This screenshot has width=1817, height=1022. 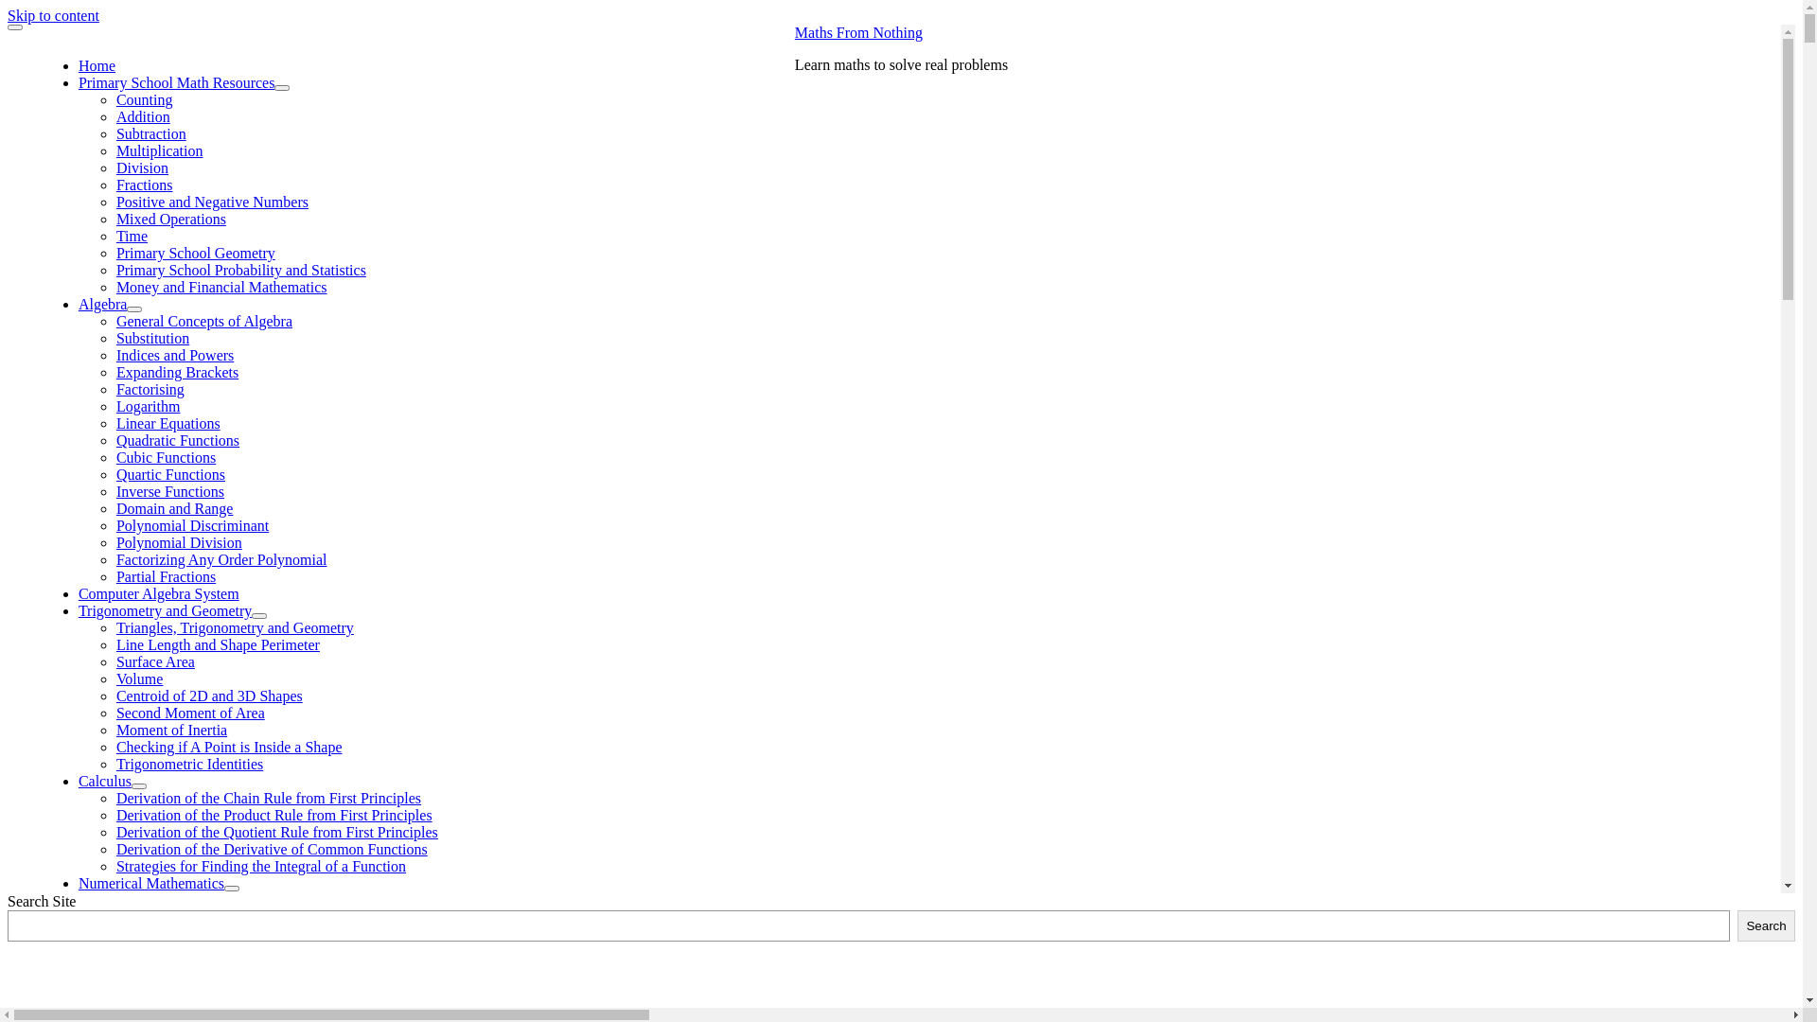 What do you see at coordinates (273, 814) in the screenshot?
I see `'Derivation of the Product Rule from First Principles'` at bounding box center [273, 814].